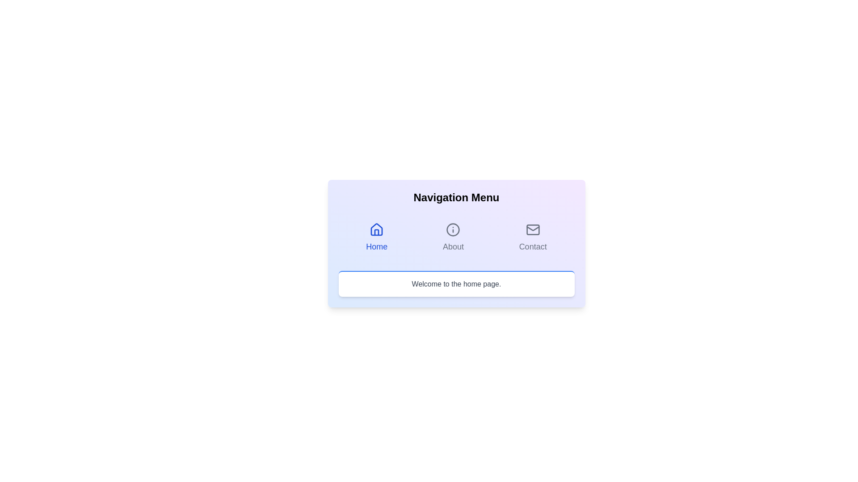 This screenshot has width=858, height=482. What do you see at coordinates (533, 237) in the screenshot?
I see `the Contact tab in the navigation menu` at bounding box center [533, 237].